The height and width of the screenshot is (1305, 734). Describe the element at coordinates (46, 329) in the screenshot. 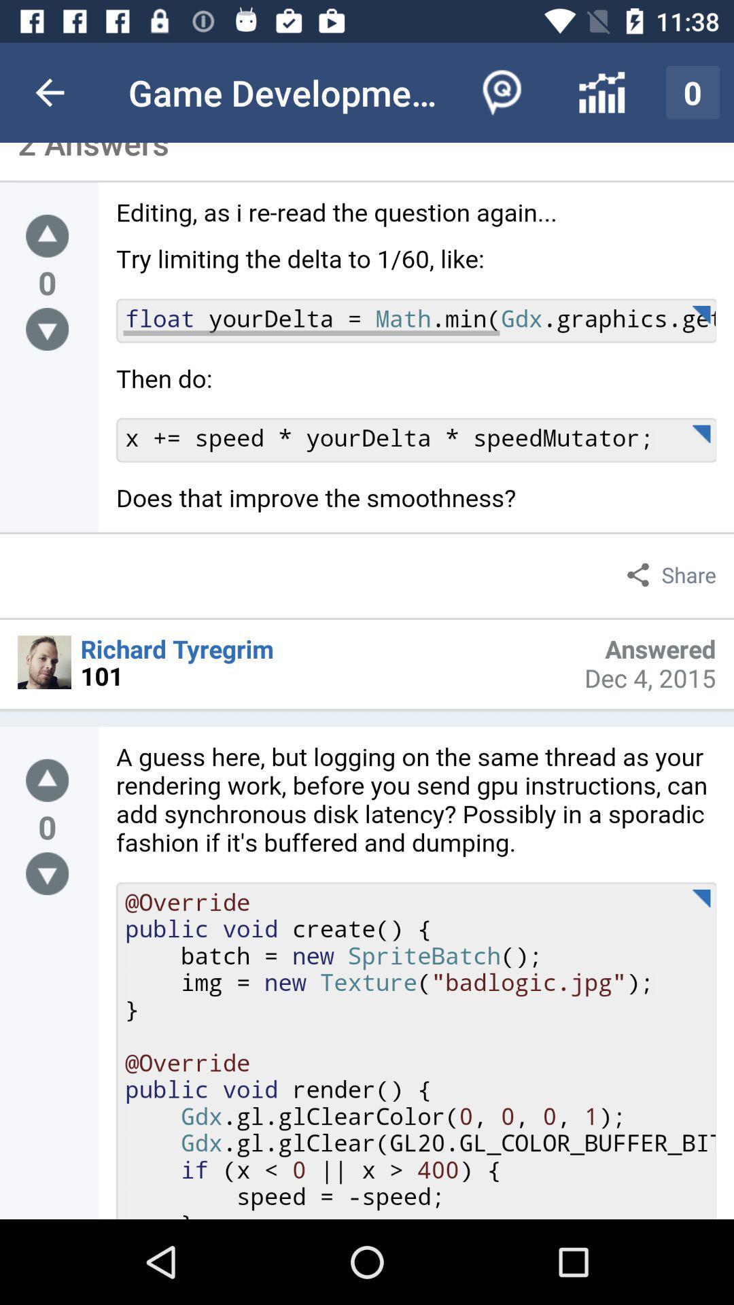

I see `go to` at that location.